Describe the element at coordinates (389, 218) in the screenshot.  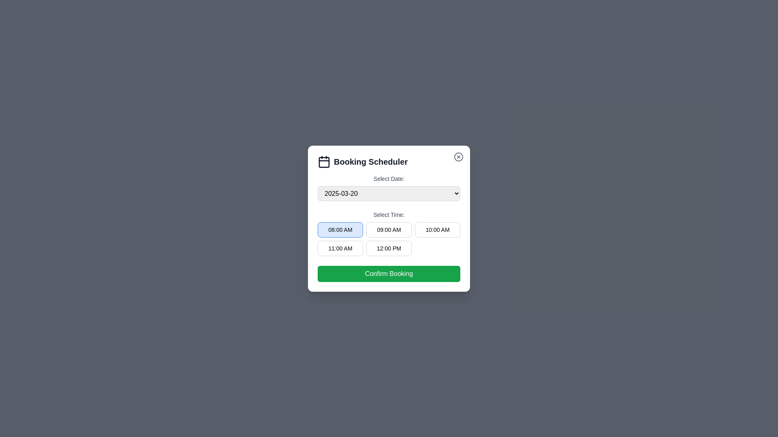
I see `the dropdown menu in the Booking Scheduler modal popup` at that location.